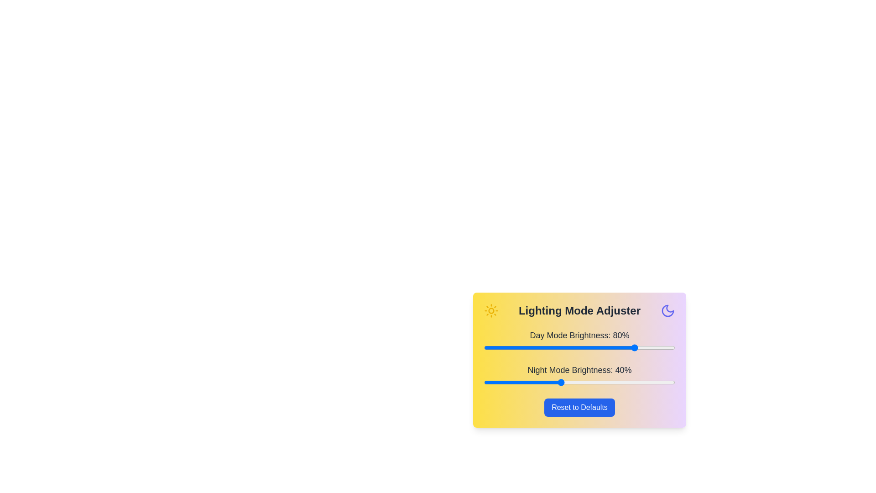 The height and width of the screenshot is (493, 876). I want to click on the night mode brightness slider to 34%, so click(548, 382).